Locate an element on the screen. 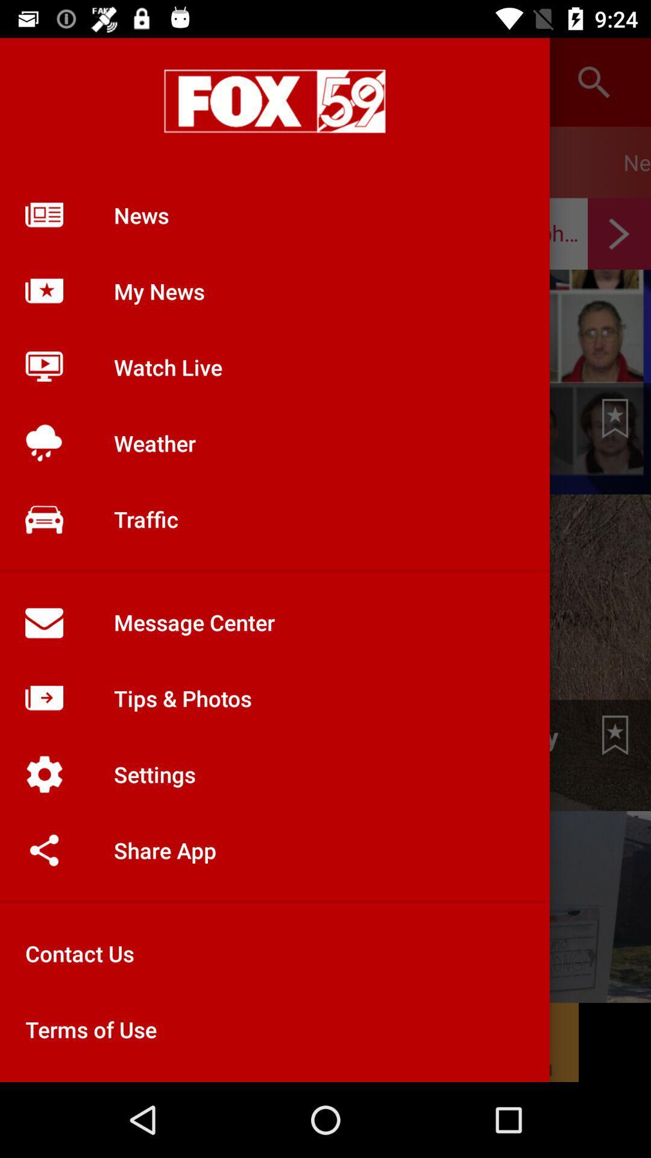 The height and width of the screenshot is (1158, 651). the search icon is located at coordinates (593, 81).